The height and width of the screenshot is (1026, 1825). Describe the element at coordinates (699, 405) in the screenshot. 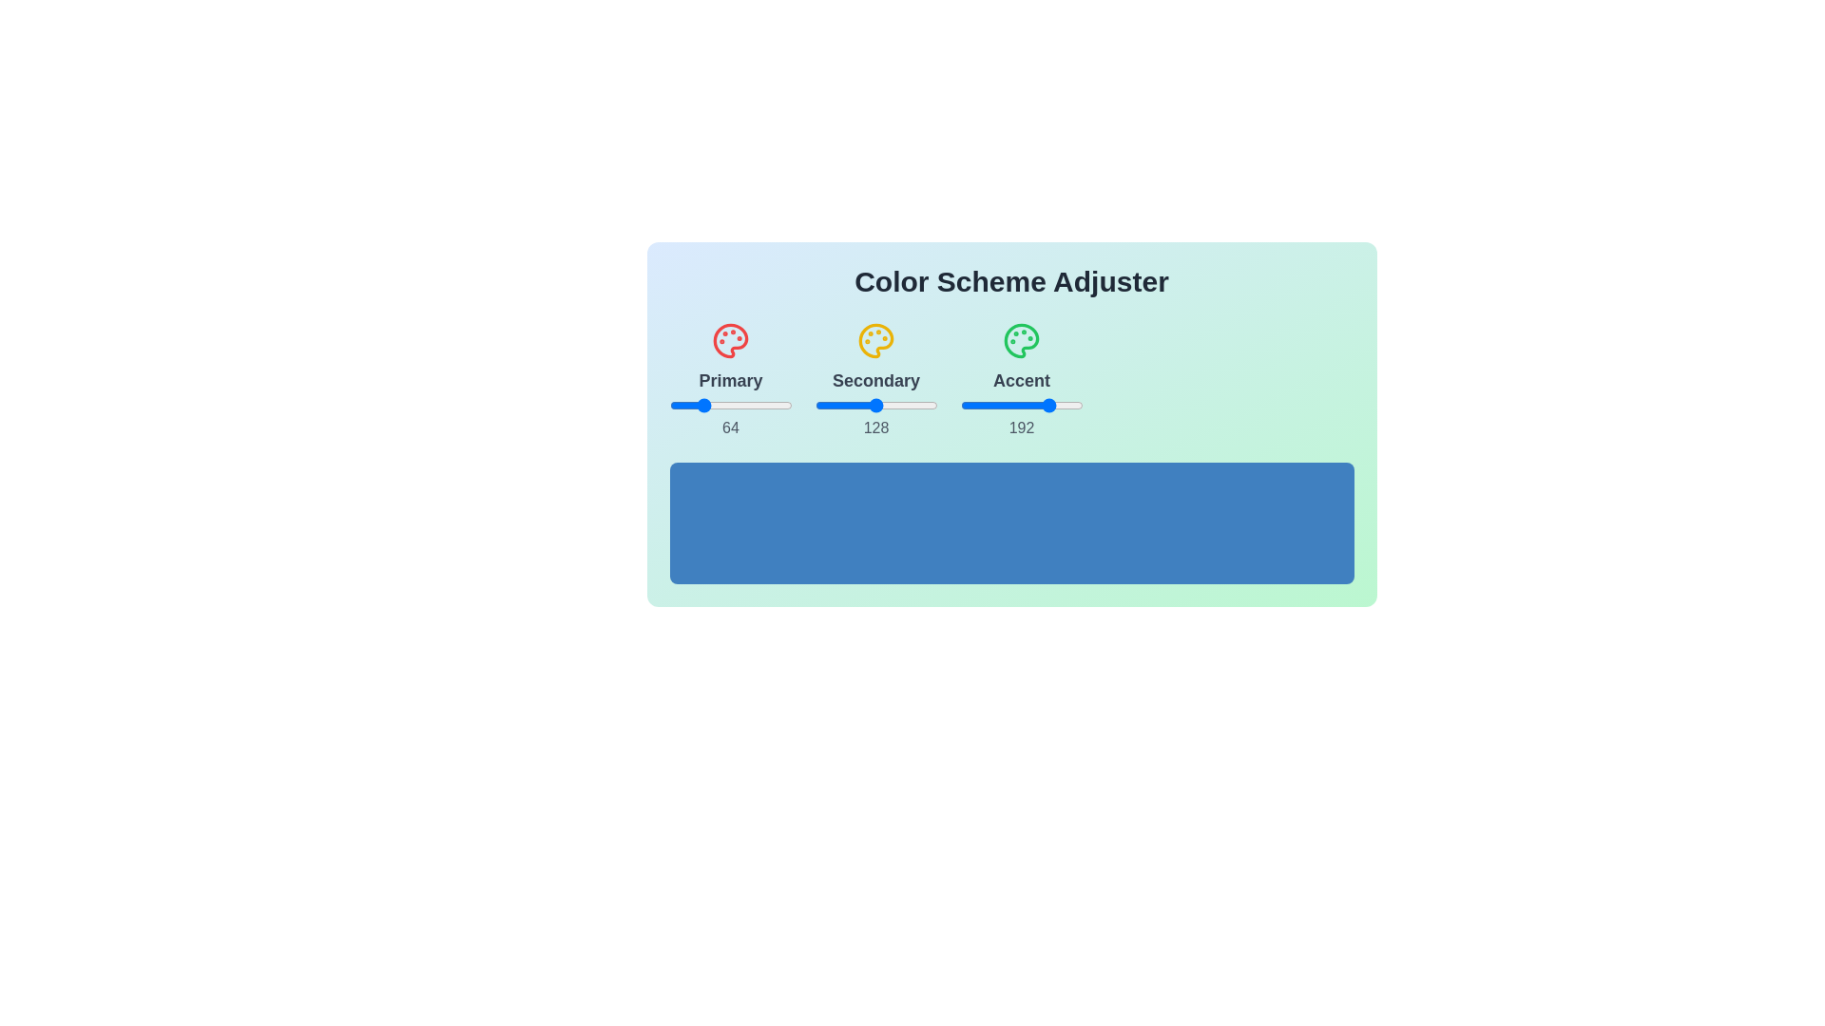

I see `the primary slider to set its value to 64` at that location.